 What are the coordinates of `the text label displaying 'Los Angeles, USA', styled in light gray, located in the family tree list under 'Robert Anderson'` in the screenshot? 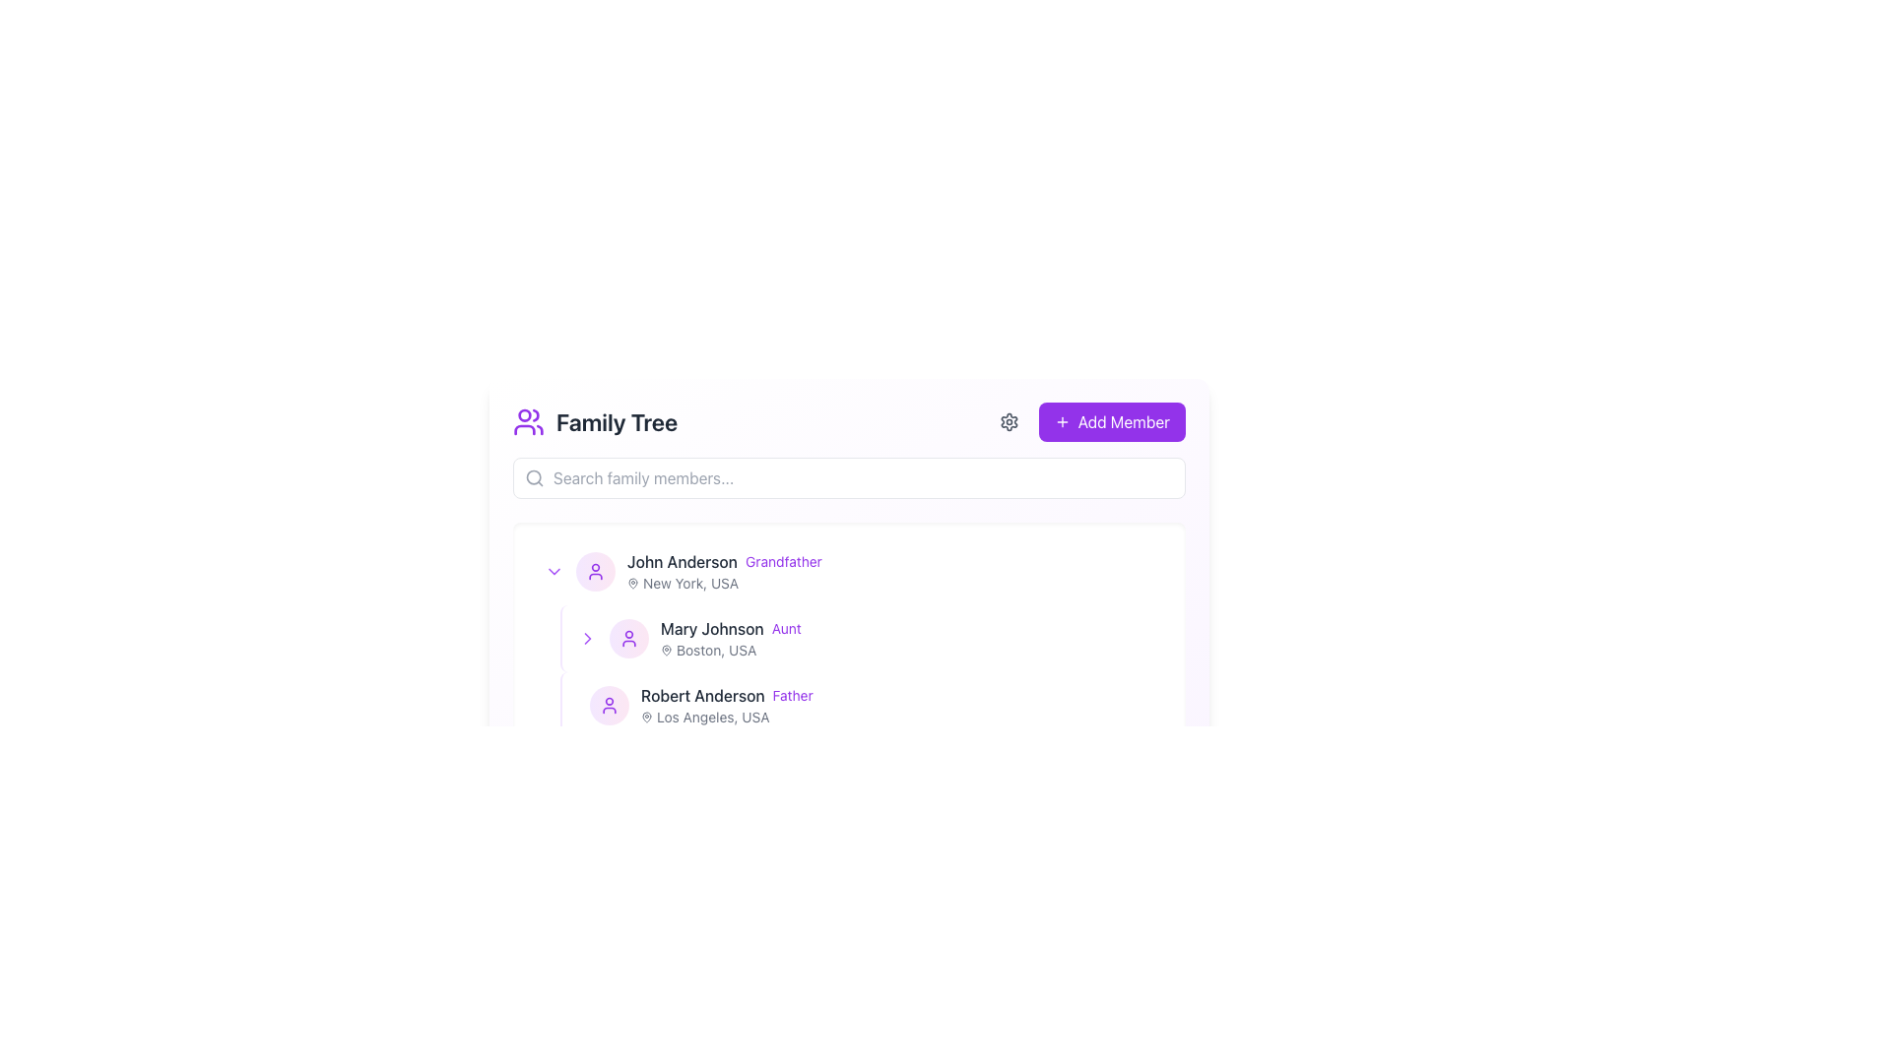 It's located at (712, 718).